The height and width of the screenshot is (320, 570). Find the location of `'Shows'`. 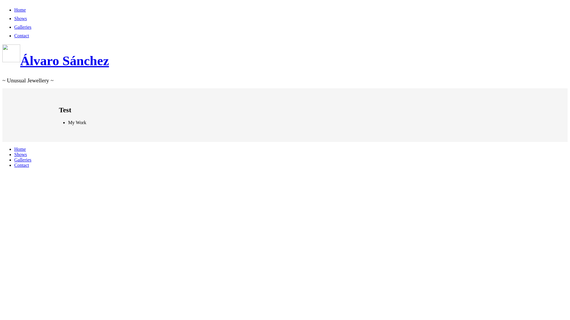

'Shows' is located at coordinates (14, 18).